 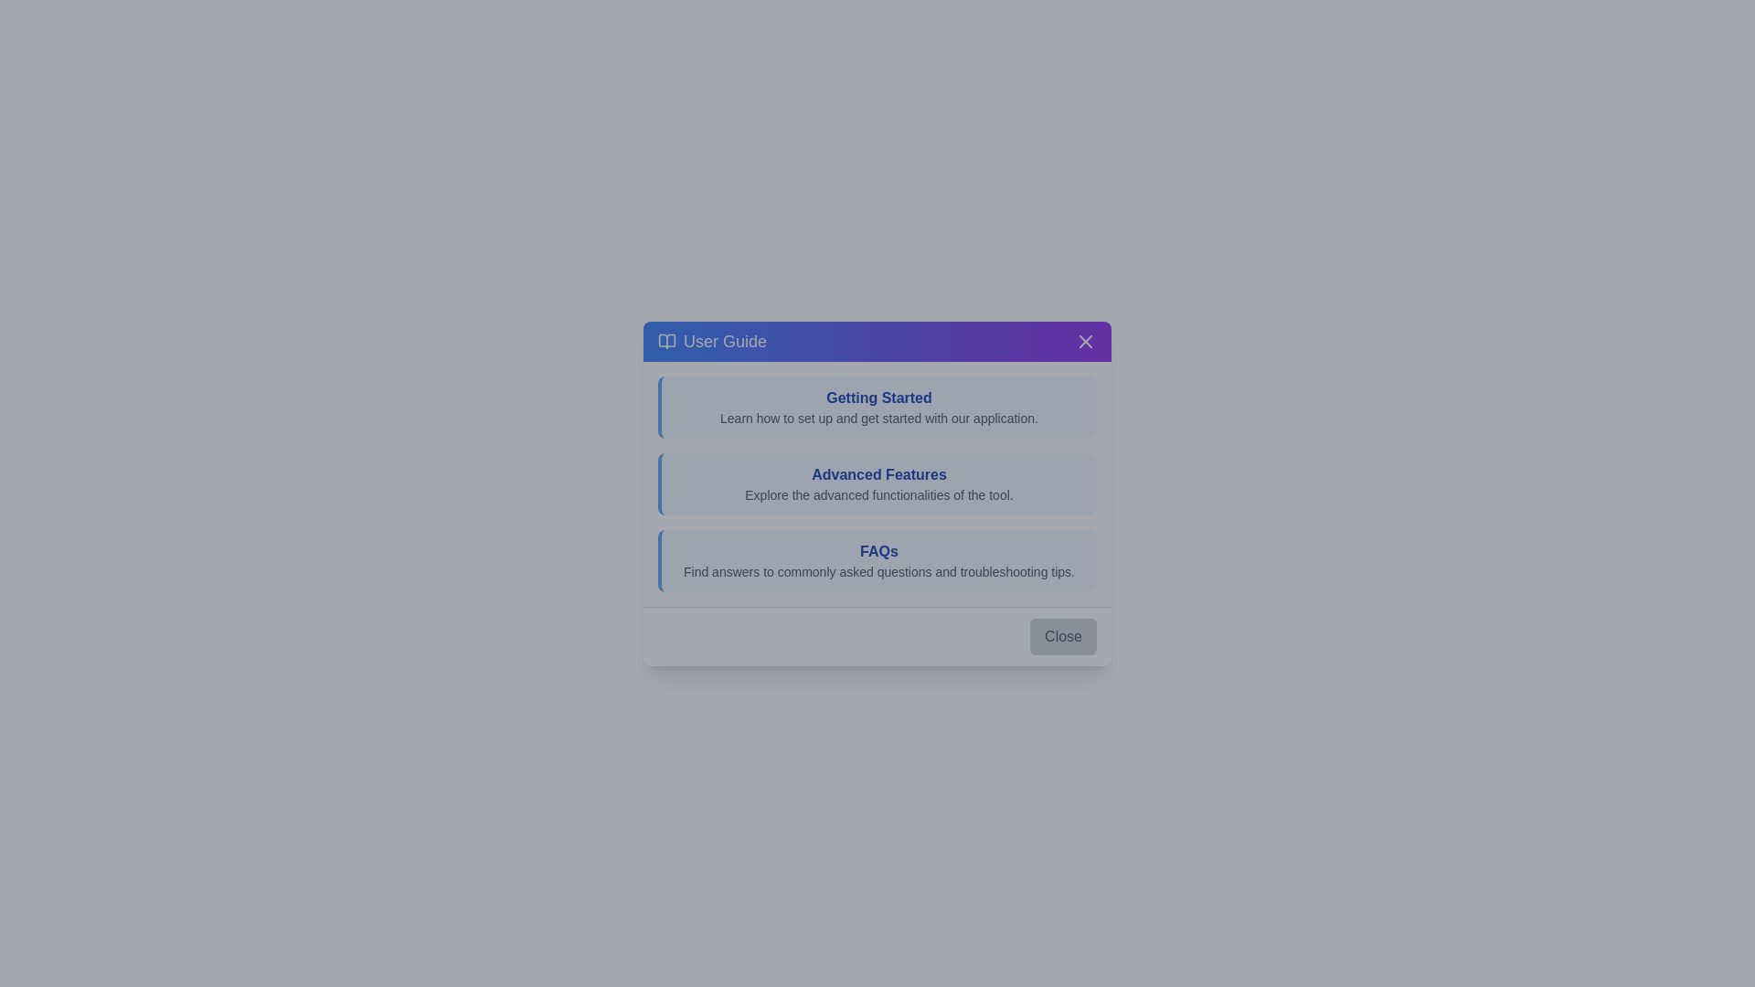 What do you see at coordinates (1063, 635) in the screenshot?
I see `the close button located at the bottom-right corner of the dialog box for keyboard interaction` at bounding box center [1063, 635].